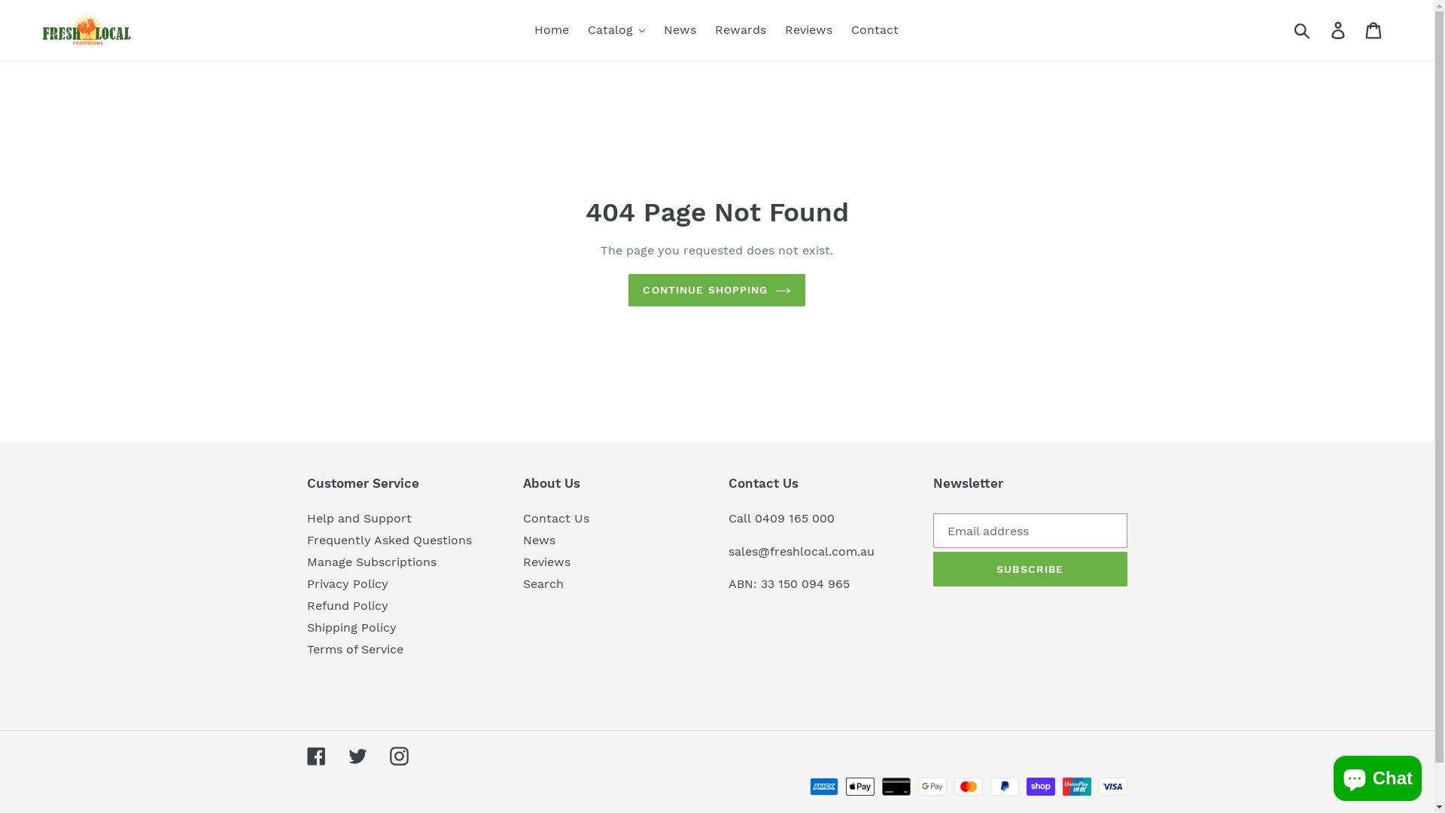  What do you see at coordinates (346, 604) in the screenshot?
I see `'Refund Policy'` at bounding box center [346, 604].